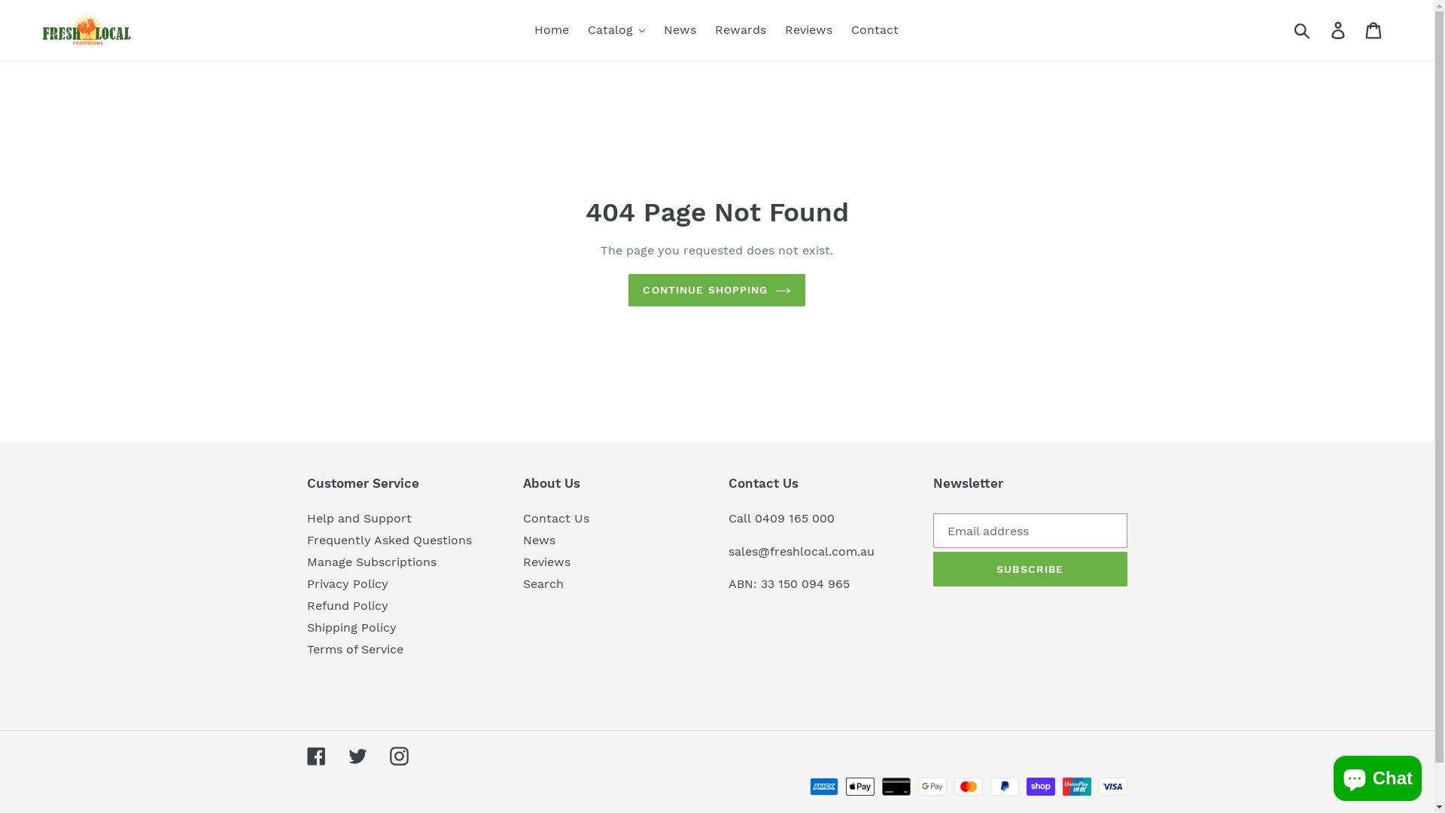  What do you see at coordinates (346, 604) in the screenshot?
I see `'Refund Policy'` at bounding box center [346, 604].